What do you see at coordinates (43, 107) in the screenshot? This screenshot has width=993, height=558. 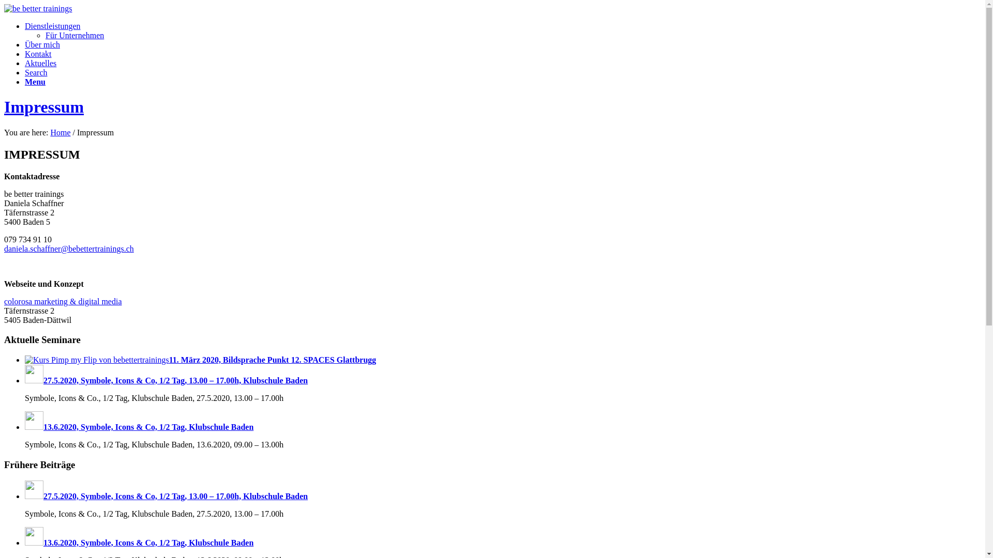 I see `'Impressum'` at bounding box center [43, 107].